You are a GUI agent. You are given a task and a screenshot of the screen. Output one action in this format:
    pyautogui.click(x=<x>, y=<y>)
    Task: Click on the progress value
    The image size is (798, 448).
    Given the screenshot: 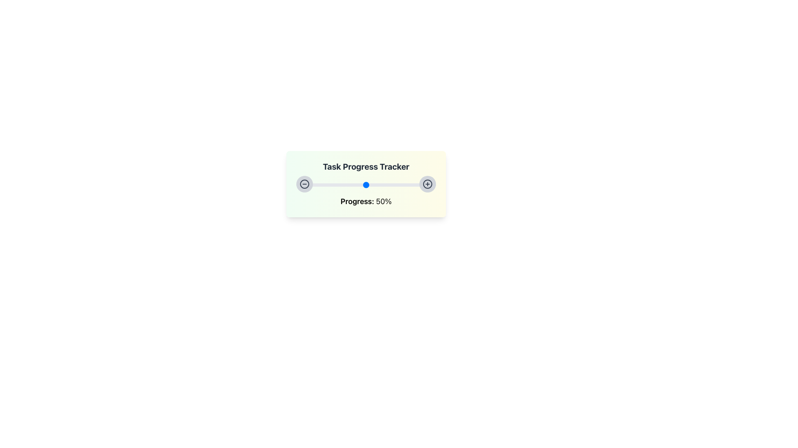 What is the action you would take?
    pyautogui.click(x=404, y=183)
    